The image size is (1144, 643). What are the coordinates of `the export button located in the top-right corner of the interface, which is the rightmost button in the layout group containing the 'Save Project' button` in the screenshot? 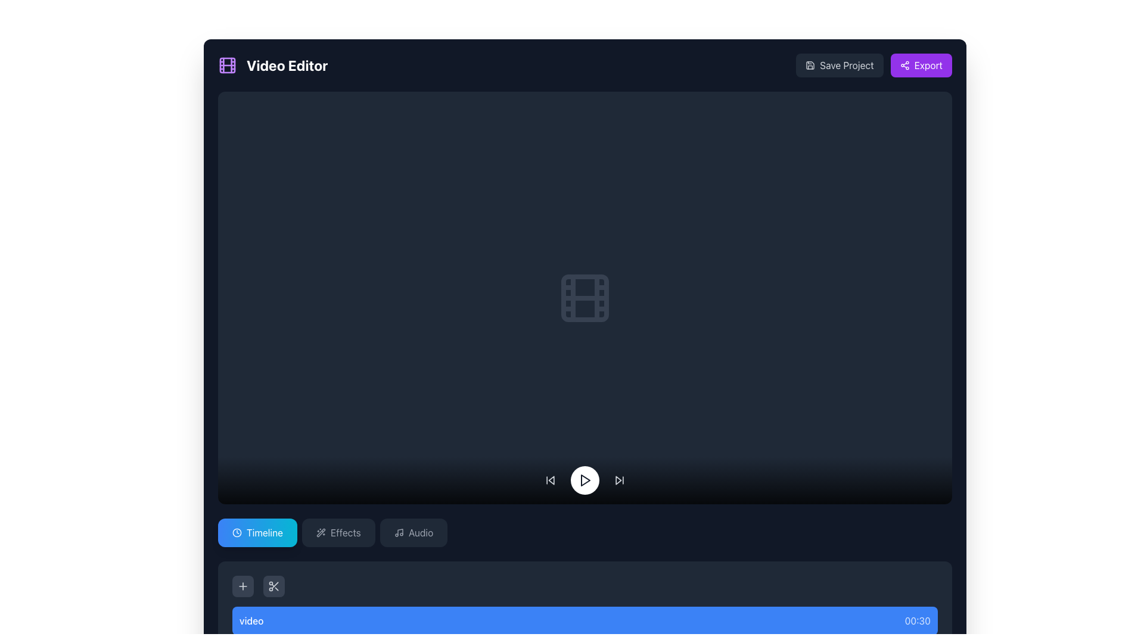 It's located at (921, 65).